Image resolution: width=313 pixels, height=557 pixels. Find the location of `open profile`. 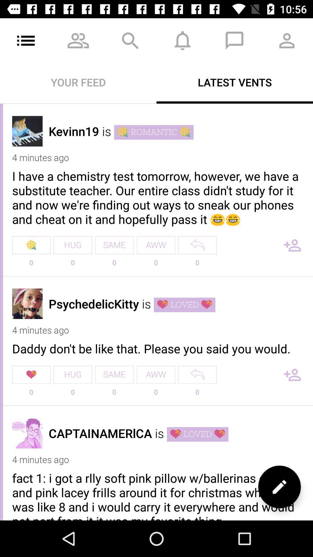

open profile is located at coordinates (27, 433).